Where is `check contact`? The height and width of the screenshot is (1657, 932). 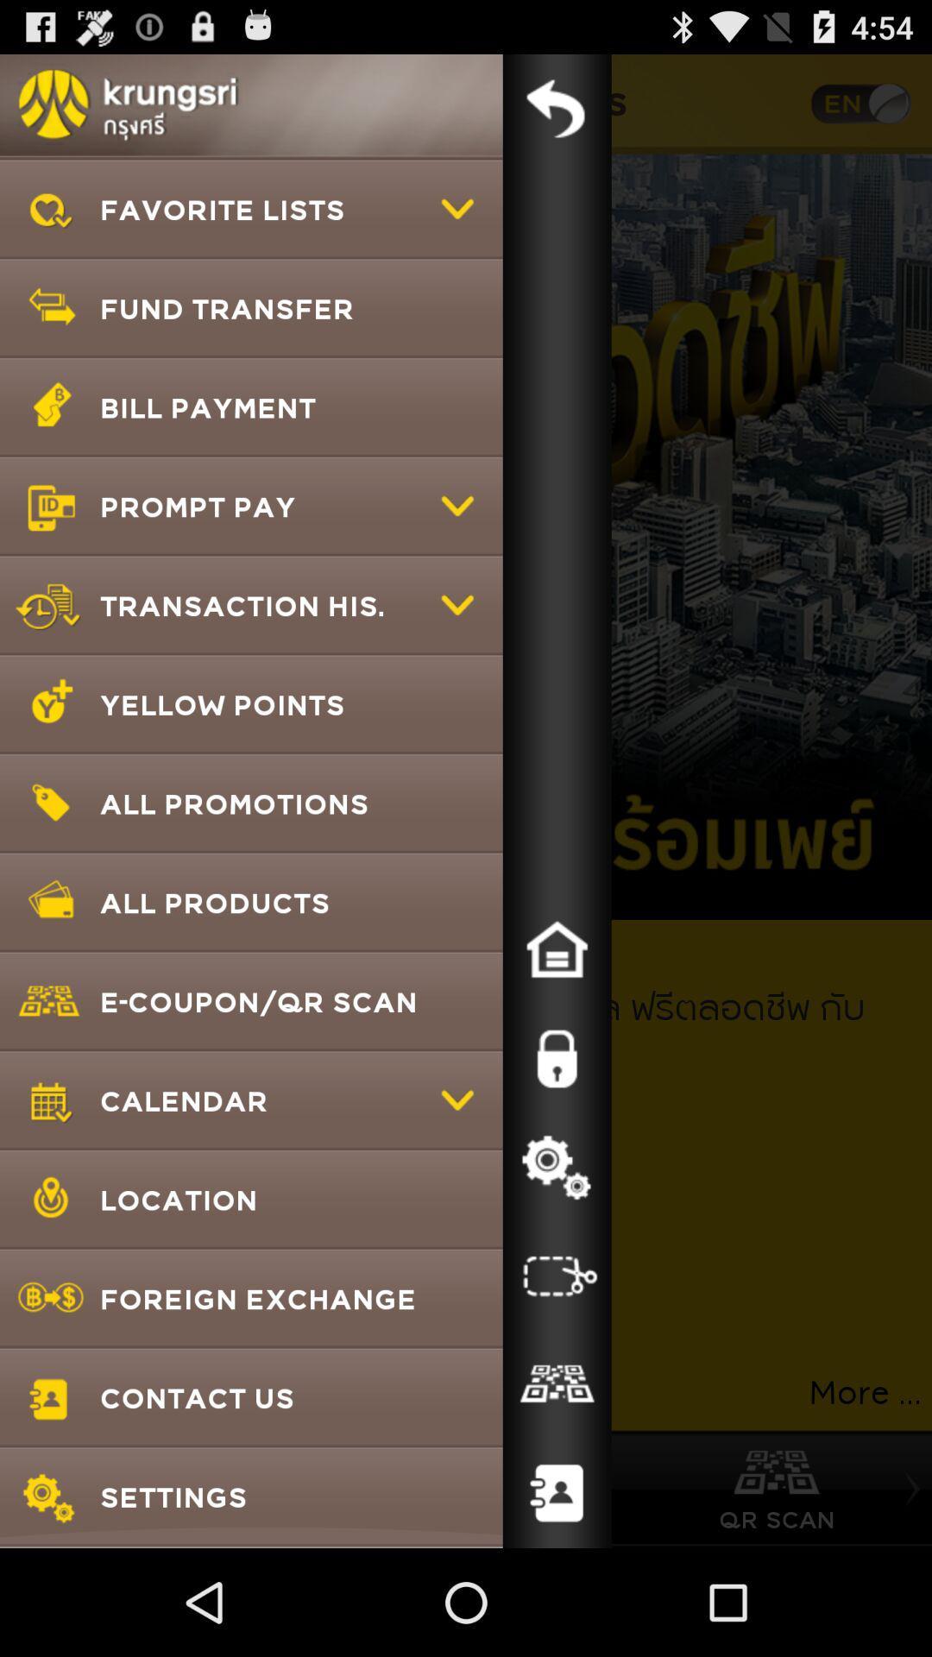 check contact is located at coordinates (557, 1384).